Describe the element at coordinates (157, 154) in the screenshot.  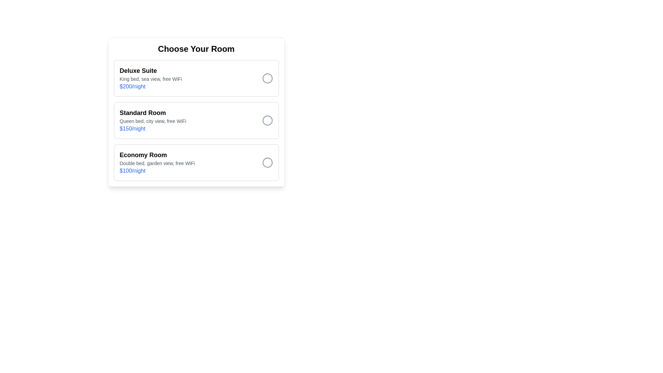
I see `the Text label that identifies the 'Economy Room' option, which is centrally aligned and located at the bottom of the room descriptions list` at that location.